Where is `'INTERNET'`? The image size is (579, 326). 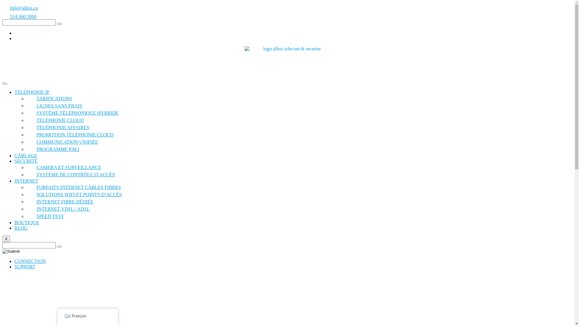 'INTERNET' is located at coordinates (26, 181).